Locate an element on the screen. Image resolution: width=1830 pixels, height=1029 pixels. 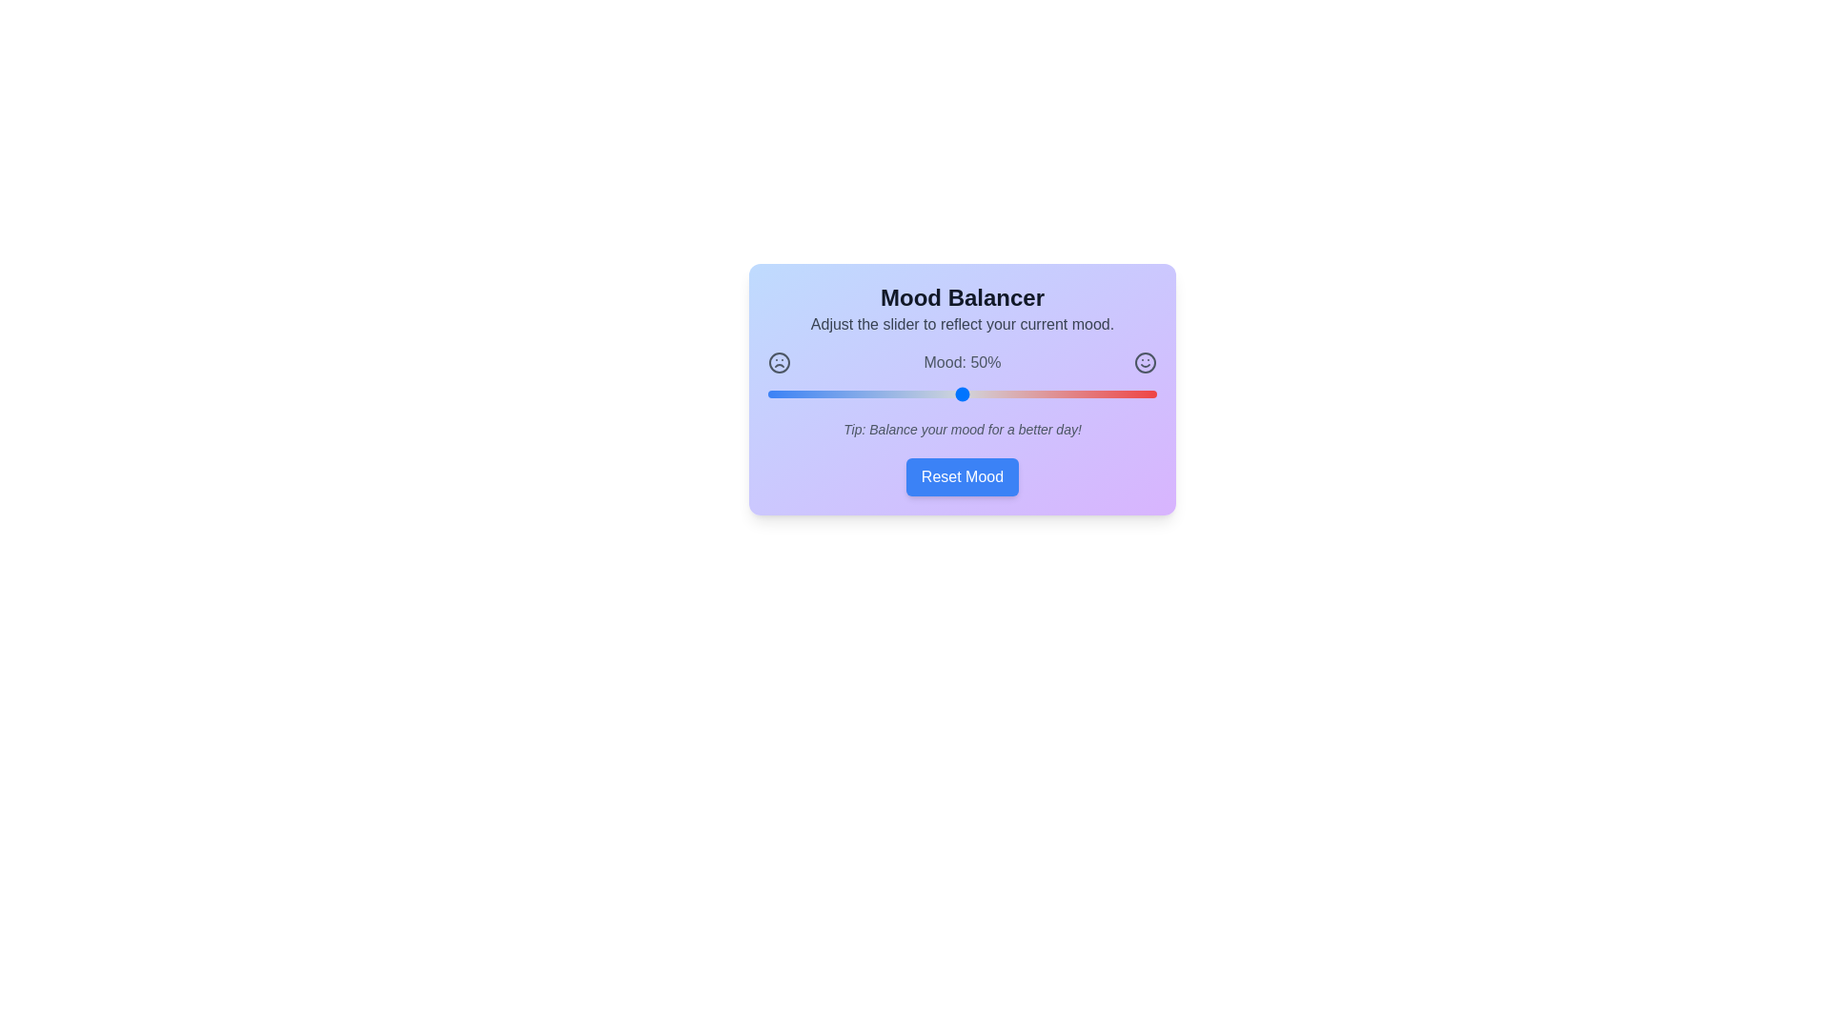
the mood slider to 14% is located at coordinates (823, 393).